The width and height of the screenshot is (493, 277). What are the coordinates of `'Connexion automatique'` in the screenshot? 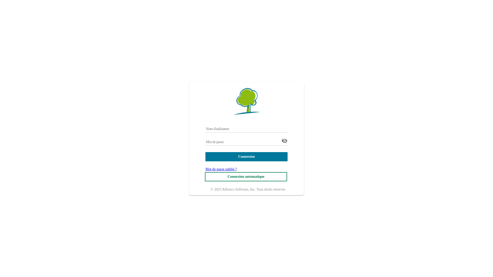 It's located at (246, 176).